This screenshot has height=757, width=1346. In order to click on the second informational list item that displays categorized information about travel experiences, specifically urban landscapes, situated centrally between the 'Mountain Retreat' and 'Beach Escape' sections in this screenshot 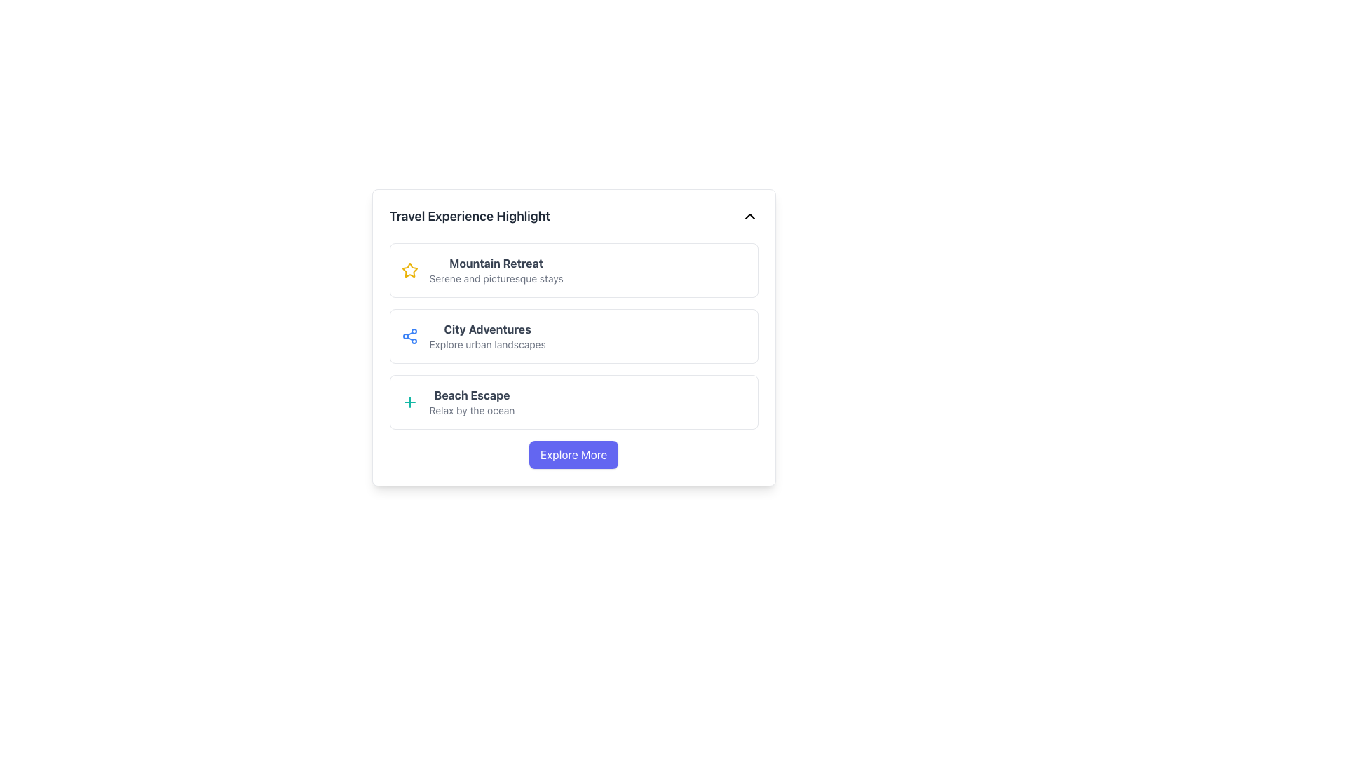, I will do `click(573, 355)`.